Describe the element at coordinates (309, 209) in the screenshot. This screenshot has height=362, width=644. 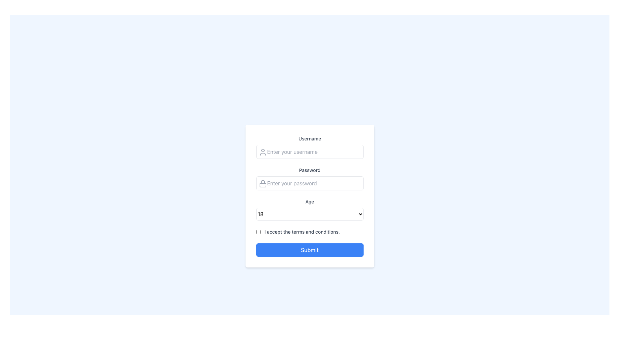
I see `a value from the 'Age' dropdown menu located below the 'Password' field on the form` at that location.